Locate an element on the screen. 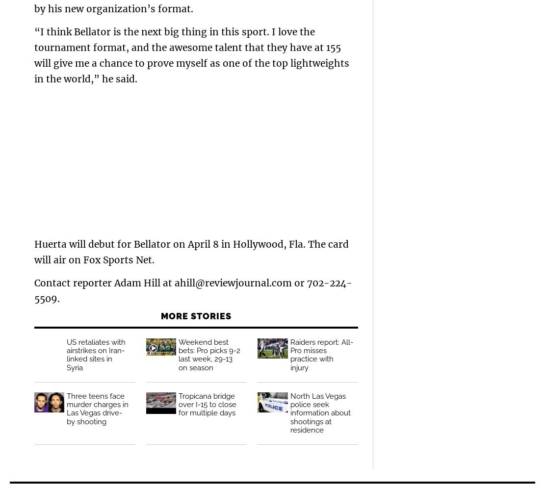 Image resolution: width=545 pixels, height=488 pixels. 'Raiders report: All-Pro misses practice with injury' is located at coordinates (321, 354).